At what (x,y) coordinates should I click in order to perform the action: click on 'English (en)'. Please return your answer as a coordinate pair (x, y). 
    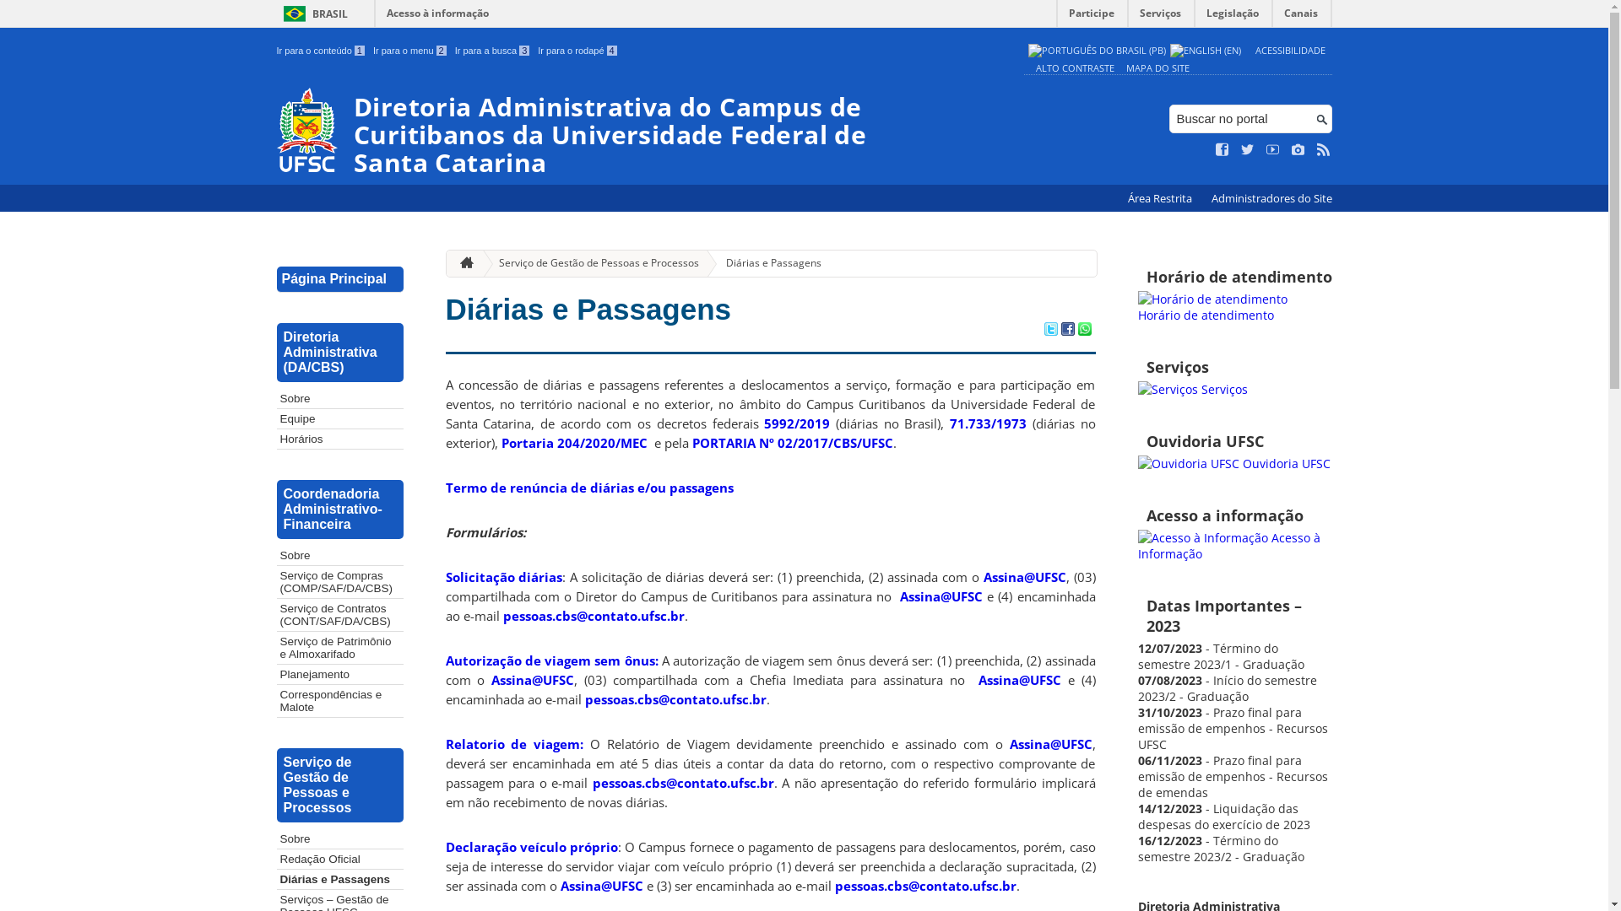
    Looking at the image, I should click on (1205, 49).